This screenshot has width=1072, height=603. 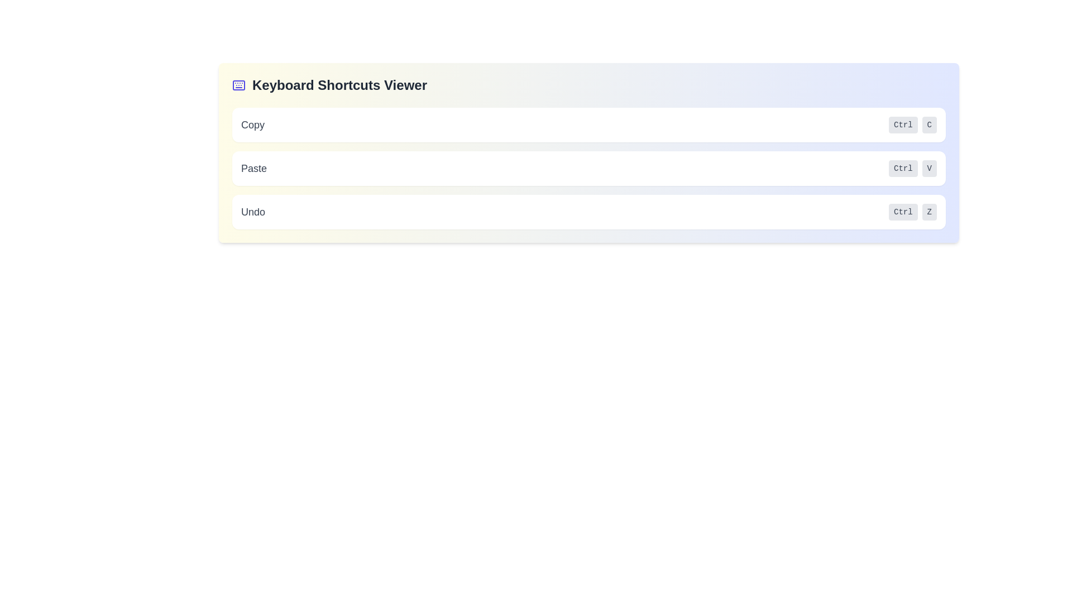 What do you see at coordinates (903, 168) in the screenshot?
I see `the 'Ctrl' label button, which has a light gray background and dark gray text, located to the left of the 'V' button in the Paste action group` at bounding box center [903, 168].